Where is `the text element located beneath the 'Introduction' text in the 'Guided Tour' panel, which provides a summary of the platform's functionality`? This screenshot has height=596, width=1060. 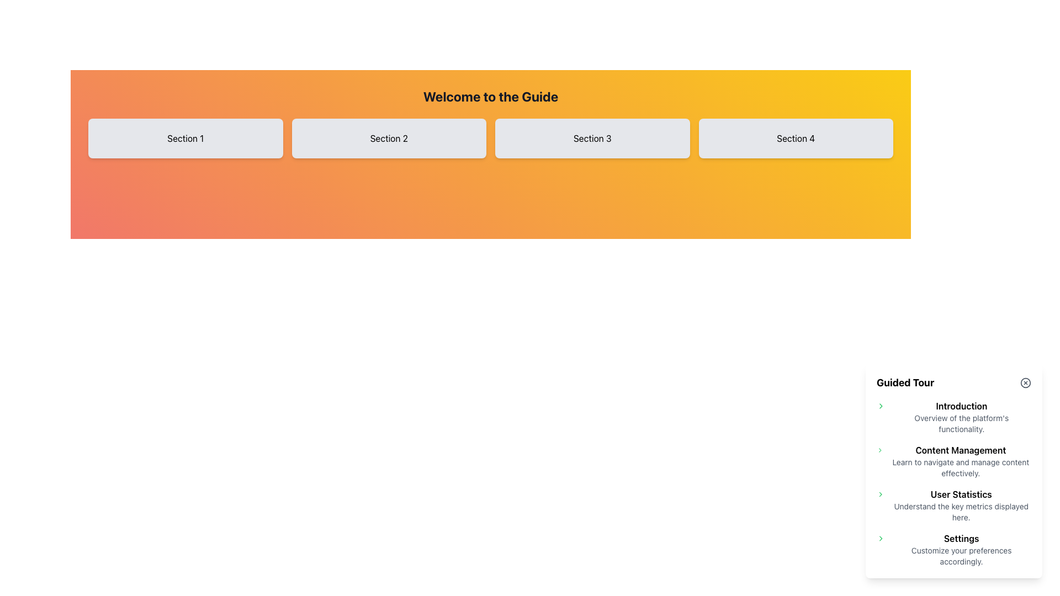
the text element located beneath the 'Introduction' text in the 'Guided Tour' panel, which provides a summary of the platform's functionality is located at coordinates (961, 423).